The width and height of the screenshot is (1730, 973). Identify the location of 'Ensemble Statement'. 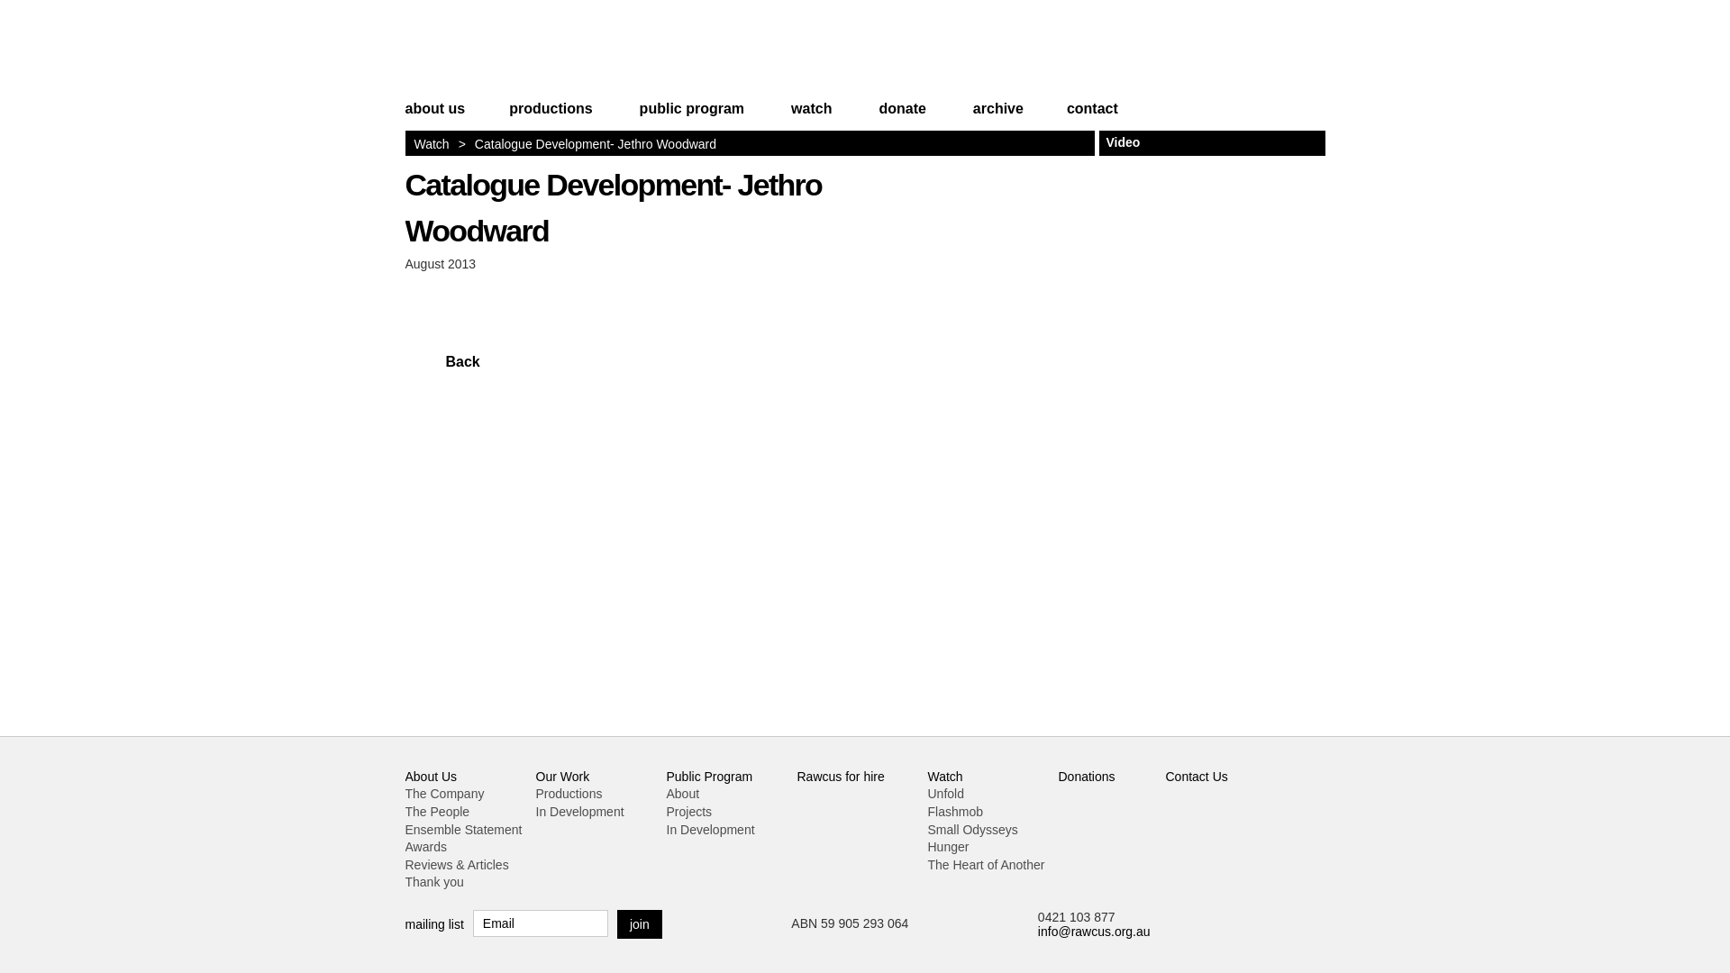
(463, 830).